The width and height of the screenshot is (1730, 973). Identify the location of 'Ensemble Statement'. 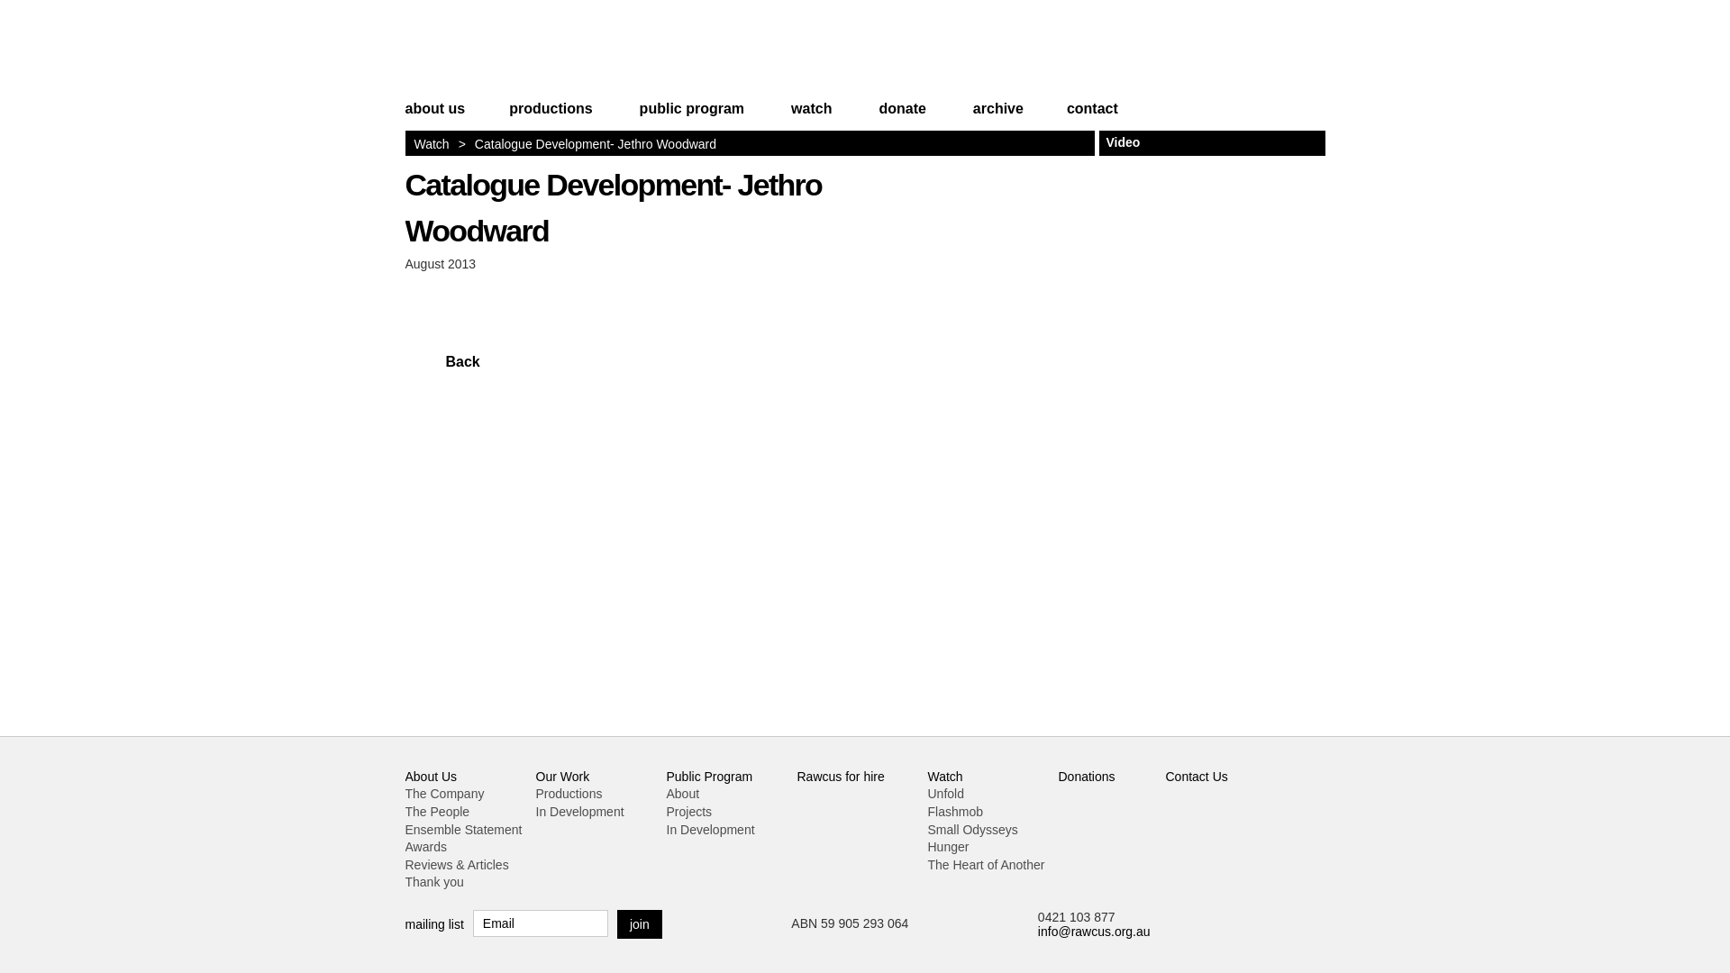
(463, 830).